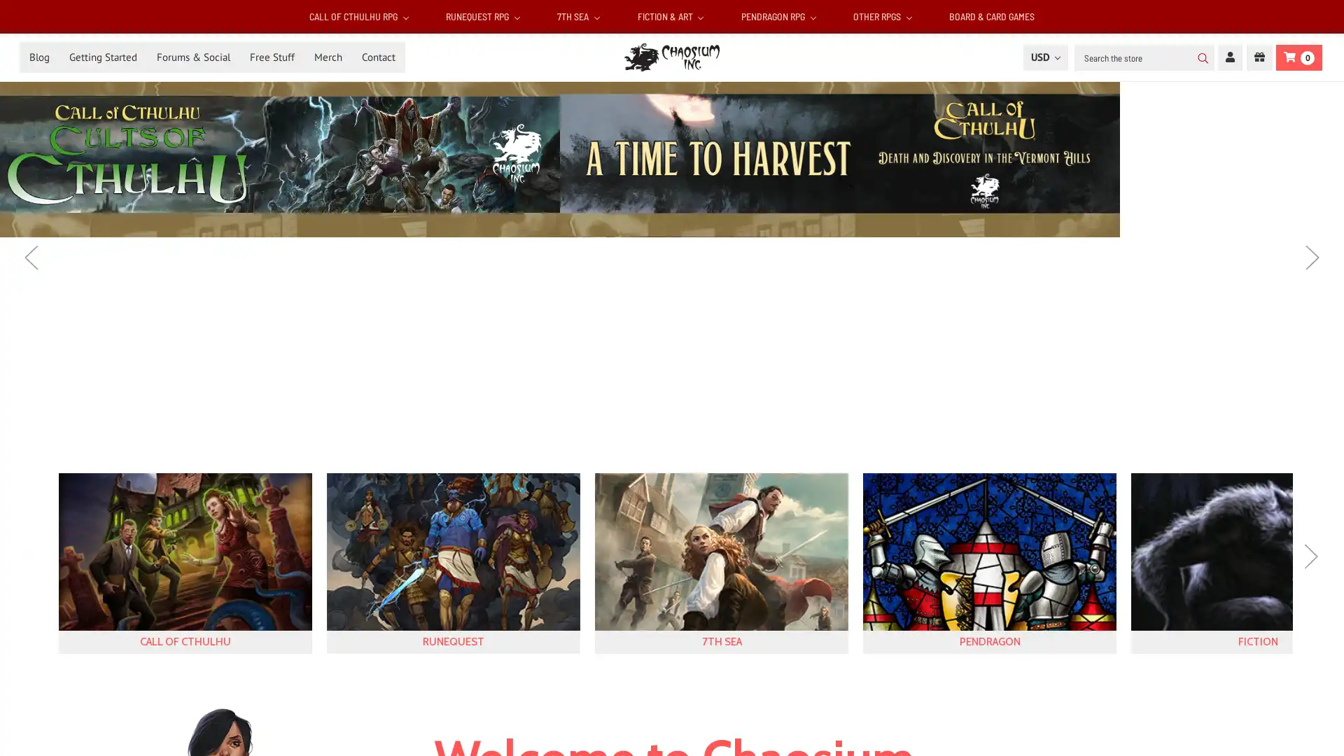 This screenshot has width=1344, height=756. What do you see at coordinates (31, 257) in the screenshot?
I see `Previous` at bounding box center [31, 257].